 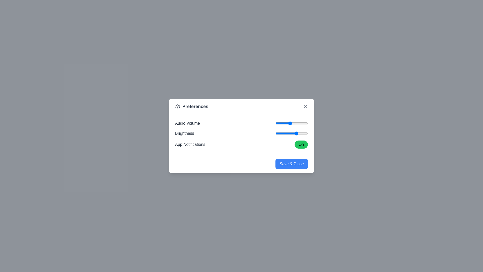 What do you see at coordinates (305, 106) in the screenshot?
I see `the close button (X) at the top-right corner of the Preferences dialog to close it without saving` at bounding box center [305, 106].